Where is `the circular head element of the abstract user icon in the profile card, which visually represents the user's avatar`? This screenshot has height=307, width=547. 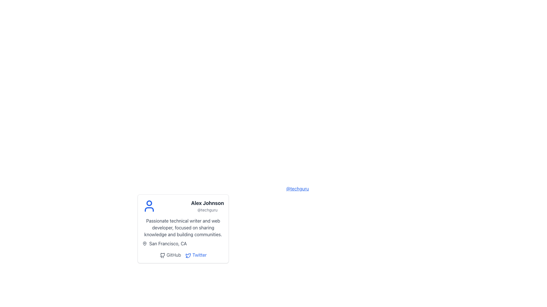 the circular head element of the abstract user icon in the profile card, which visually represents the user's avatar is located at coordinates (149, 203).